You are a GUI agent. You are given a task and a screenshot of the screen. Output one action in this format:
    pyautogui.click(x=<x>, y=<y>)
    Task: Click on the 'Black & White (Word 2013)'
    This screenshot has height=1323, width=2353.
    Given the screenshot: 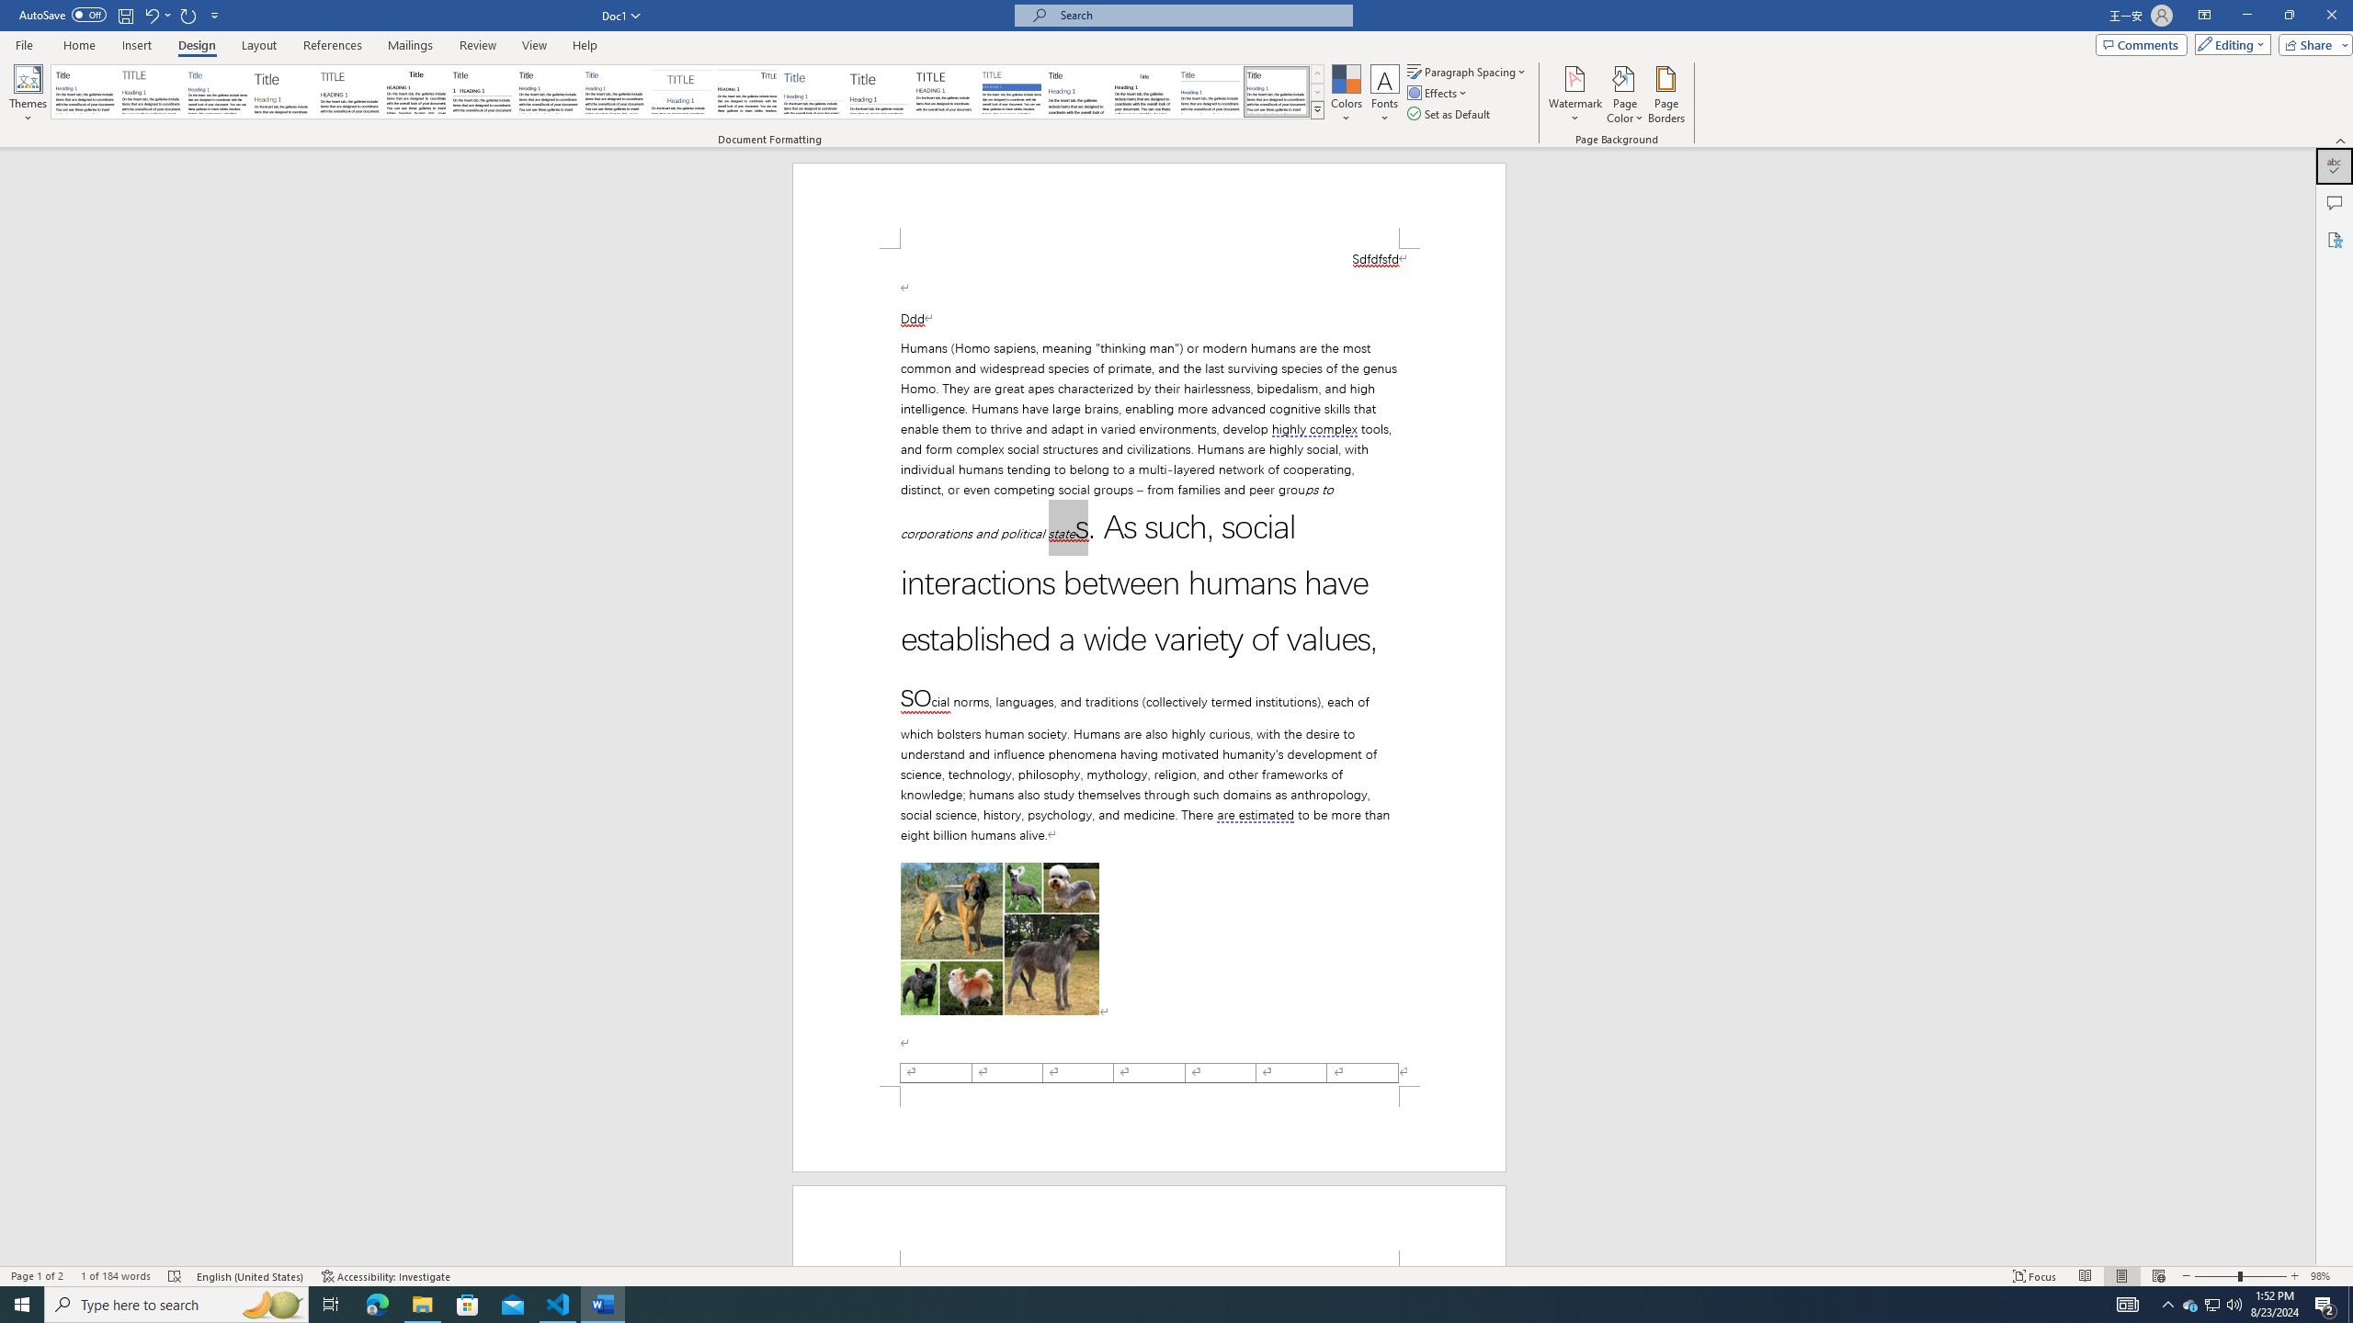 What is the action you would take?
    pyautogui.click(x=547, y=91)
    